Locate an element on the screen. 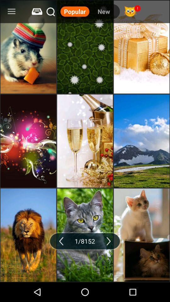 This screenshot has width=170, height=302. the popular icon is located at coordinates (75, 11).